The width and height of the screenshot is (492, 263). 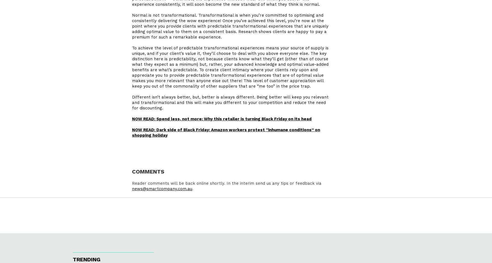 What do you see at coordinates (229, 35) in the screenshot?
I see `'shows clients are happy to pay a premium for such a remarkable experience.'` at bounding box center [229, 35].